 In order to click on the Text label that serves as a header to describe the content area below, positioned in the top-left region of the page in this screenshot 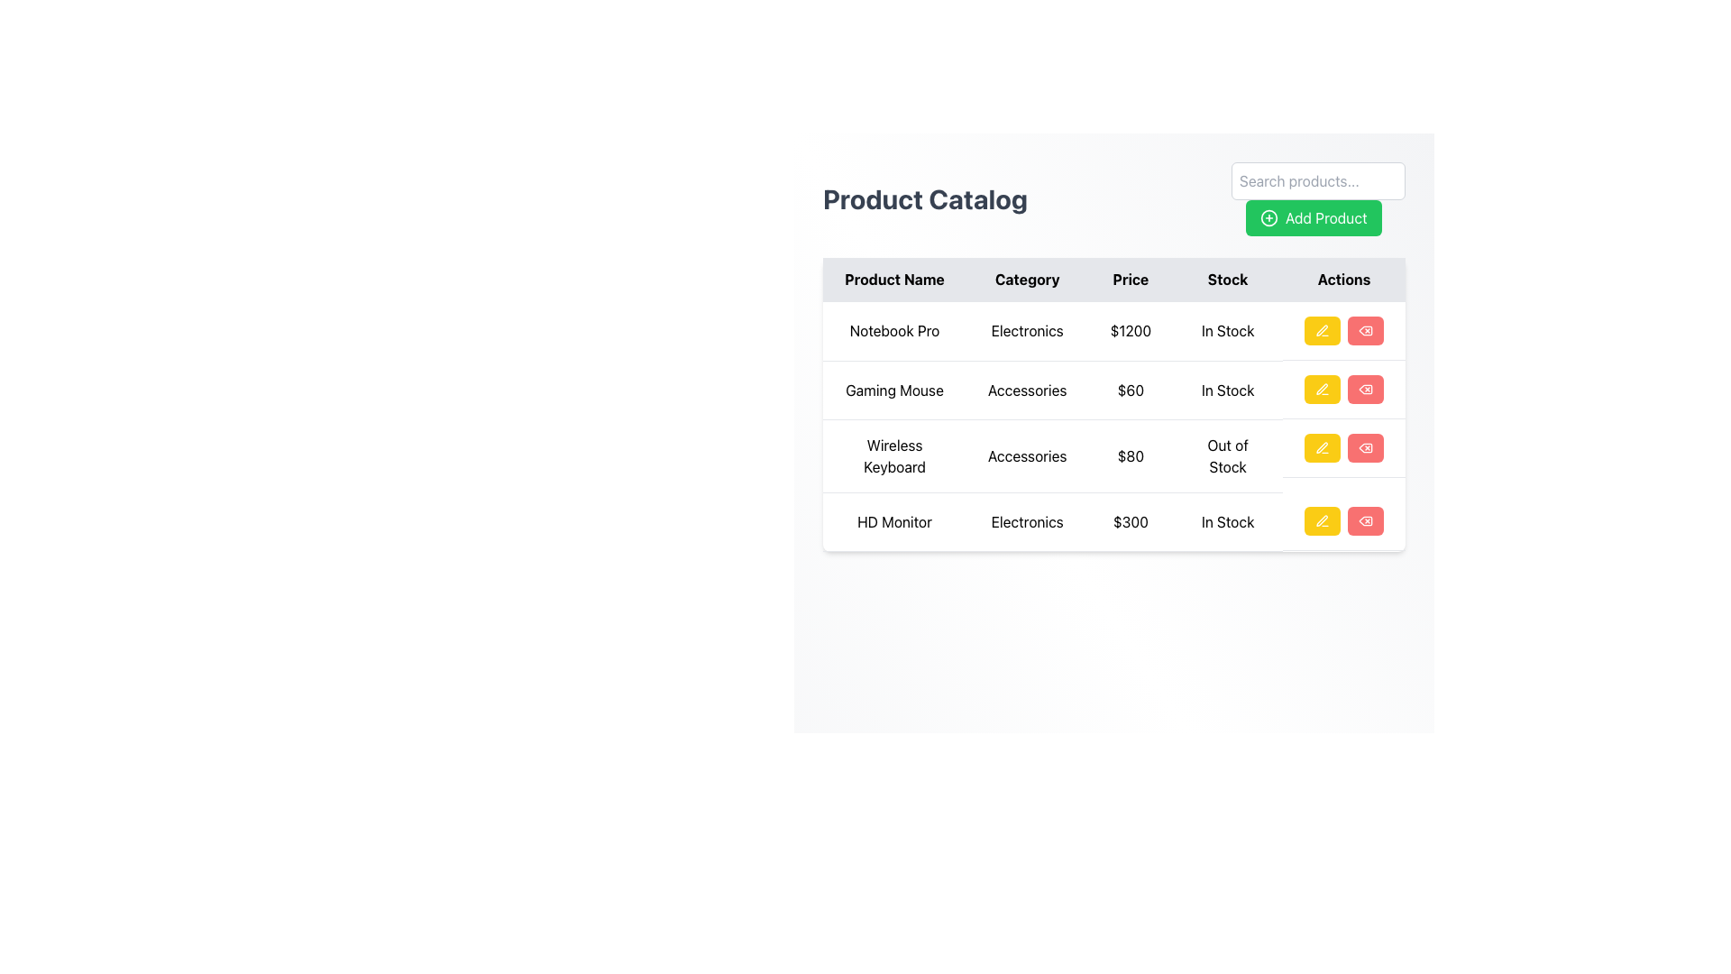, I will do `click(925, 198)`.